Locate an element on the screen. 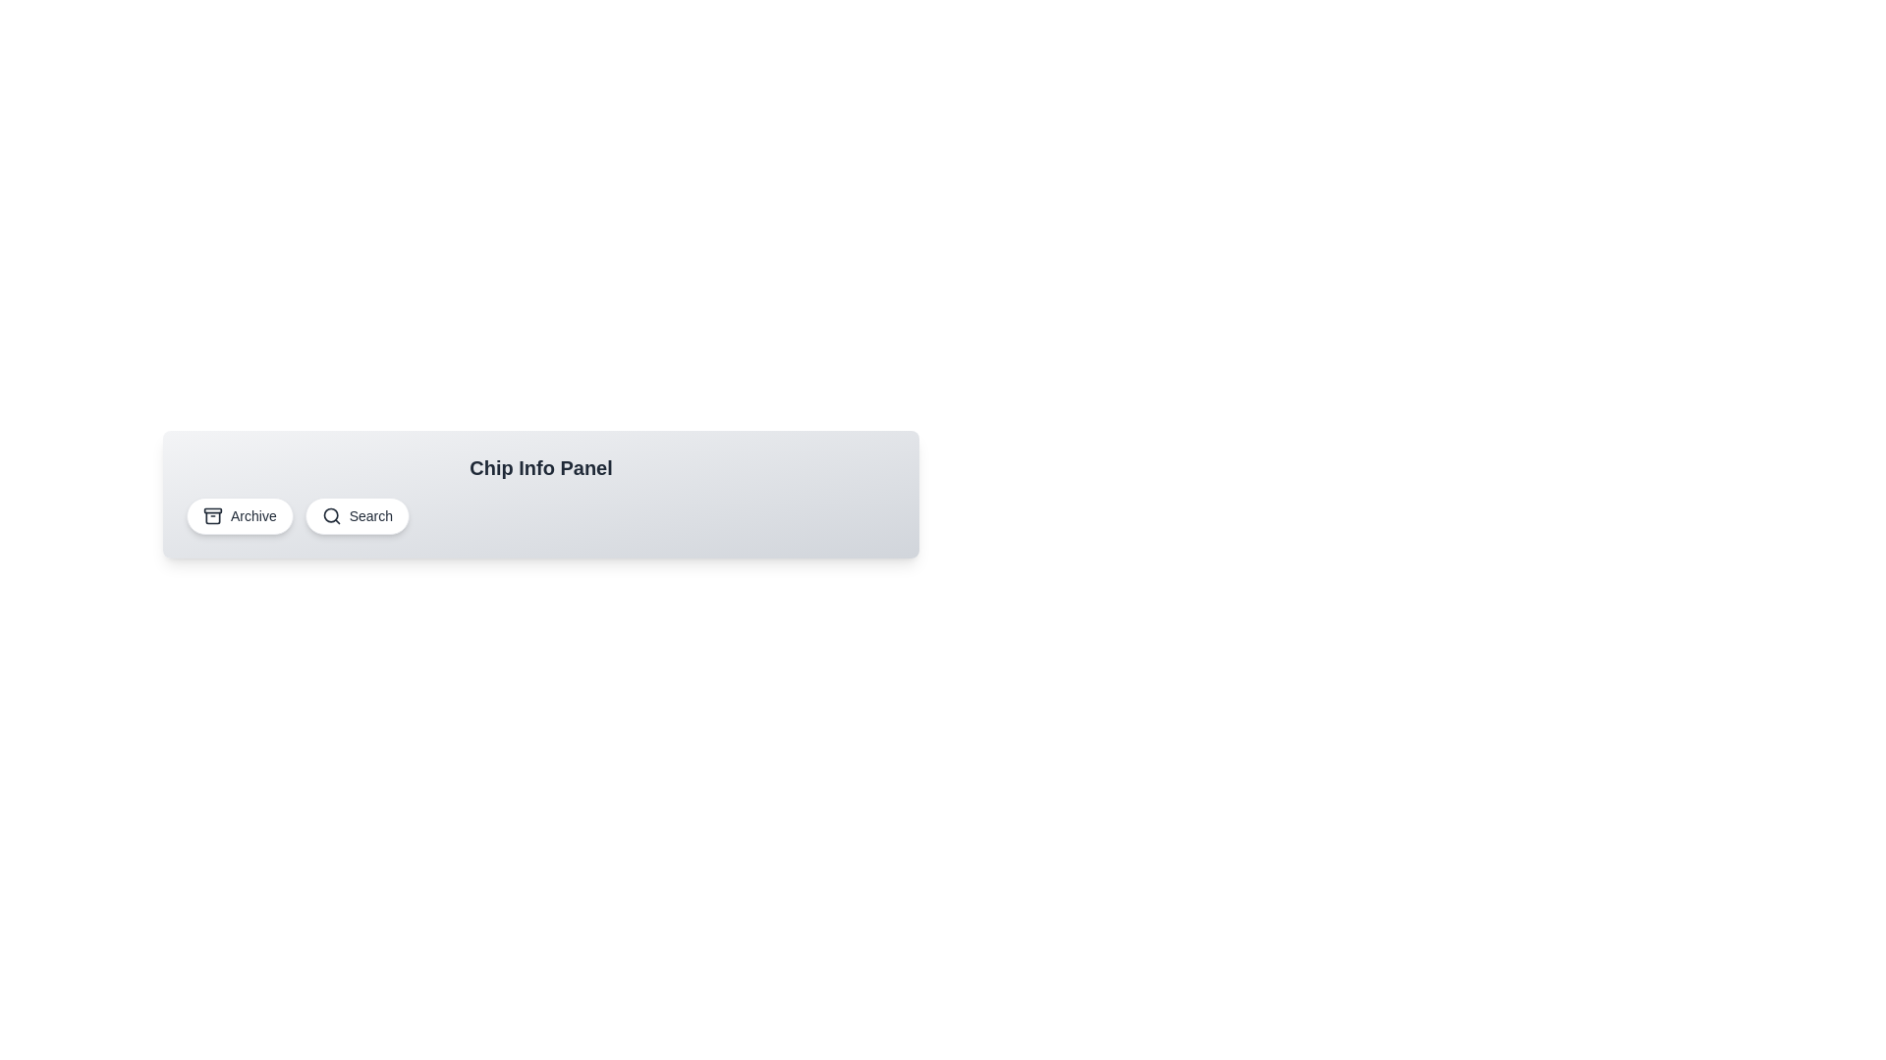 Image resolution: width=1886 pixels, height=1060 pixels. the Search chip to observe the hover effect is located at coordinates (357, 514).